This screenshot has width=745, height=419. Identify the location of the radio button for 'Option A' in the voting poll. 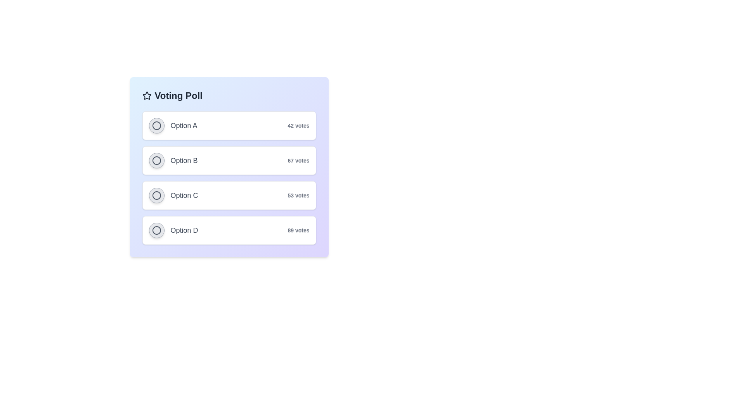
(156, 125).